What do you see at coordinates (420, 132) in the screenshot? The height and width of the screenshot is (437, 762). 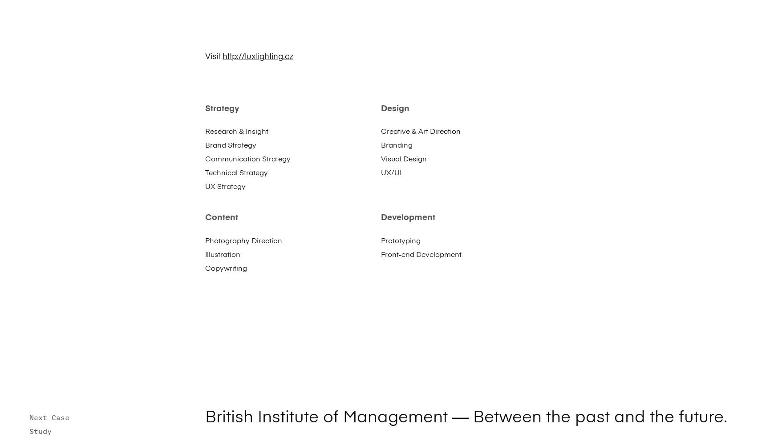 I see `'Creative & Art Direction'` at bounding box center [420, 132].